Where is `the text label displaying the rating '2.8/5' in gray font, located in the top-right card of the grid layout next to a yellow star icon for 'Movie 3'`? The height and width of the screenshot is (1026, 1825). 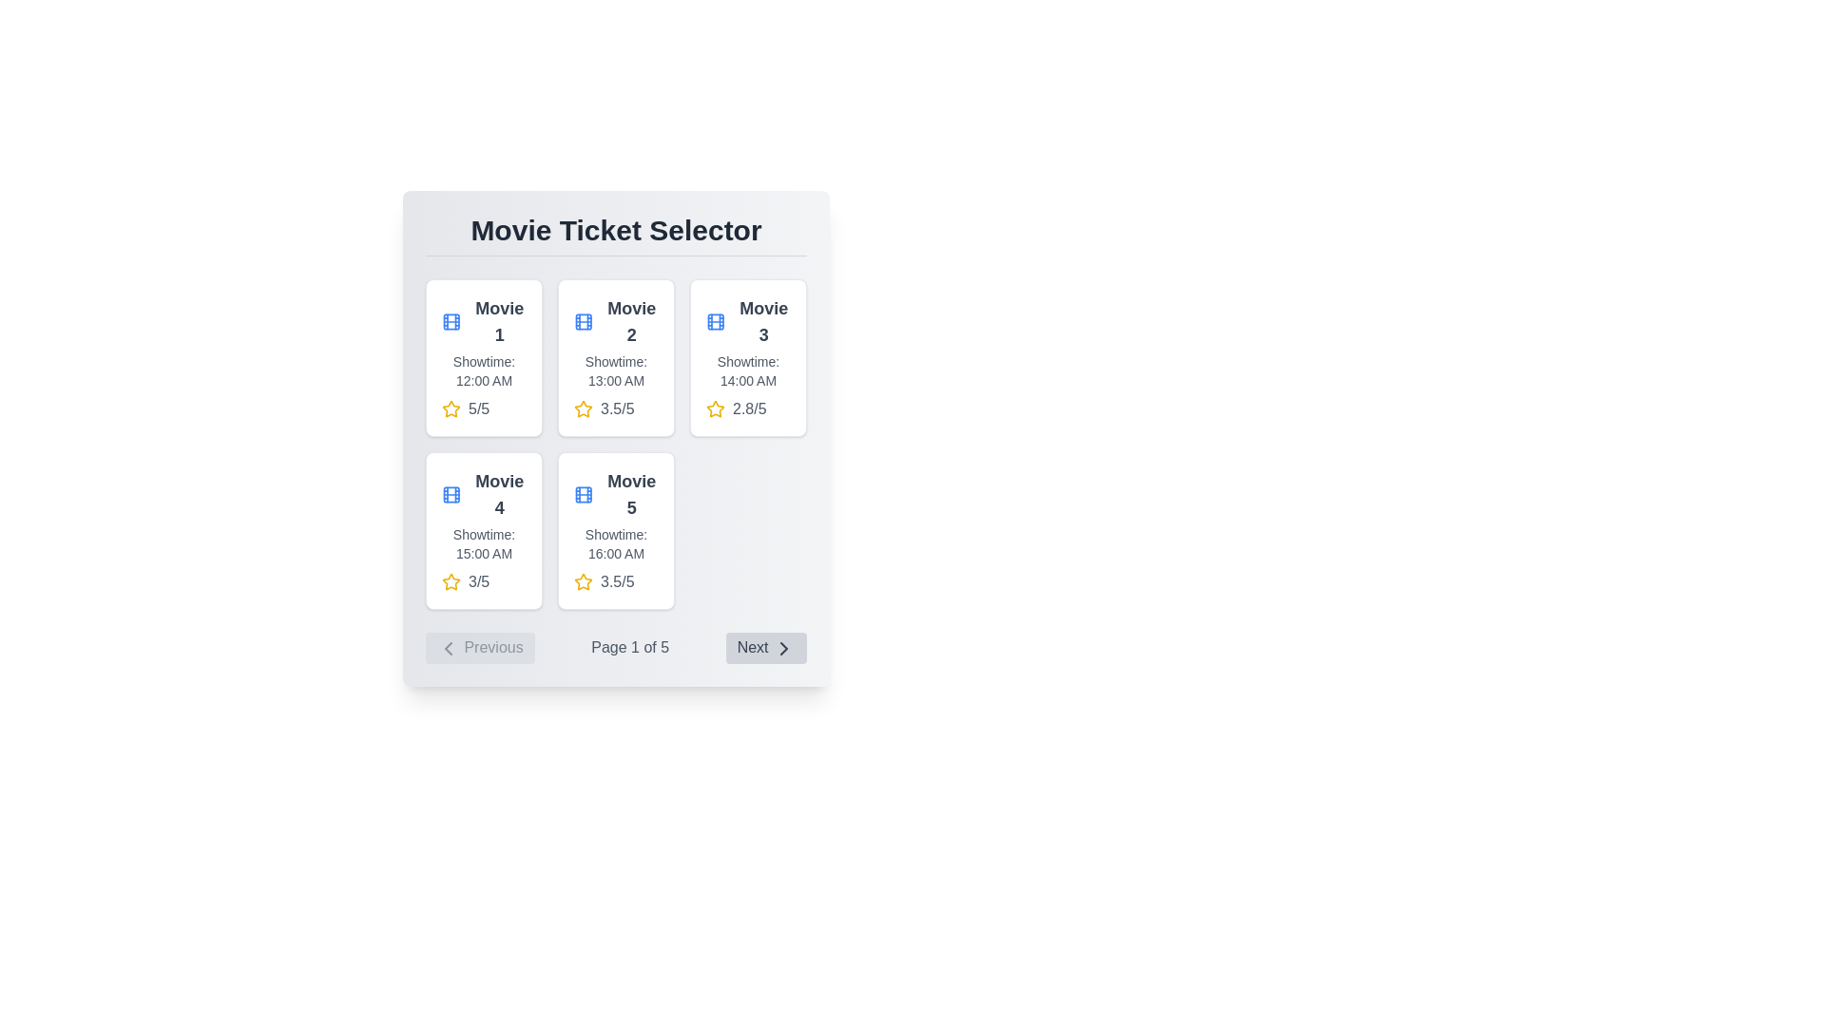 the text label displaying the rating '2.8/5' in gray font, located in the top-right card of the grid layout next to a yellow star icon for 'Movie 3' is located at coordinates (748, 408).